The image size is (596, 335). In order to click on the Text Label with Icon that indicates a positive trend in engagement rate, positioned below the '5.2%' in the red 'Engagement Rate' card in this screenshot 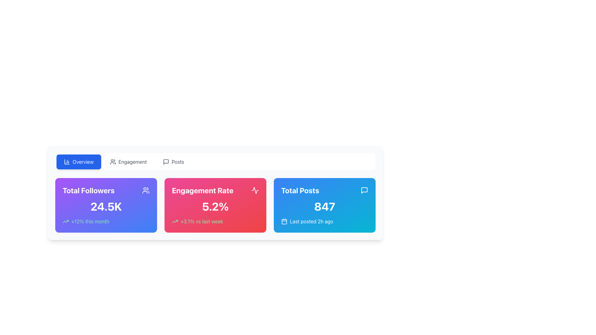, I will do `click(215, 221)`.